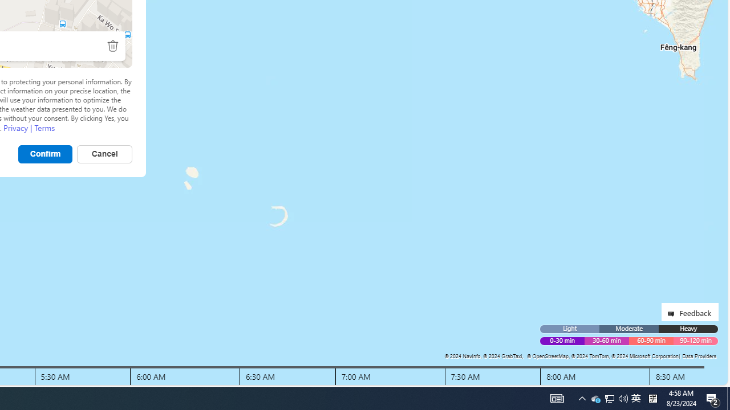  Describe the element at coordinates (689, 311) in the screenshot. I see `'Feedback'` at that location.